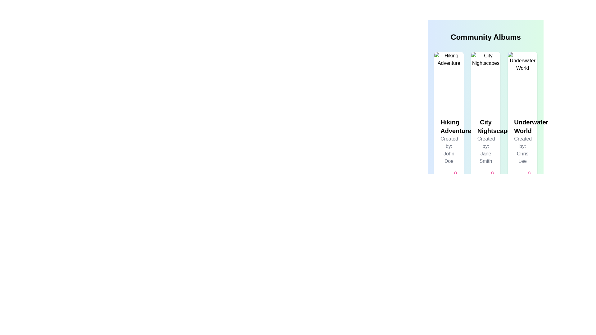  Describe the element at coordinates (485, 81) in the screenshot. I see `the image representing 'City Nightscapes'` at that location.